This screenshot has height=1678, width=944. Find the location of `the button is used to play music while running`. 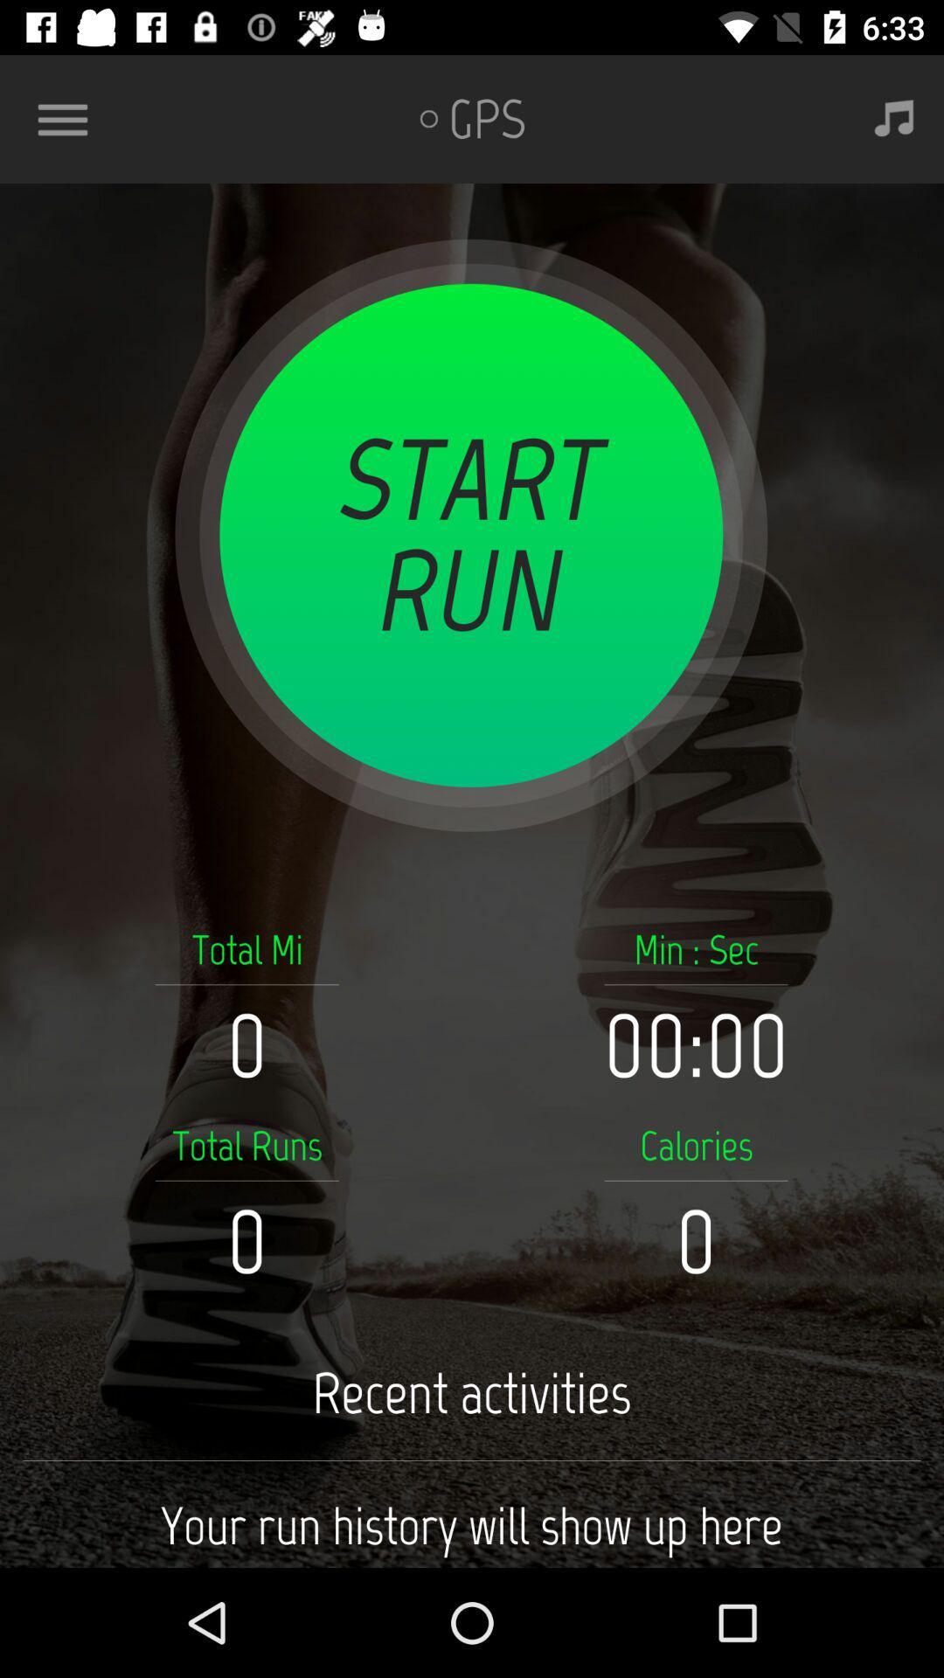

the button is used to play music while running is located at coordinates (894, 118).